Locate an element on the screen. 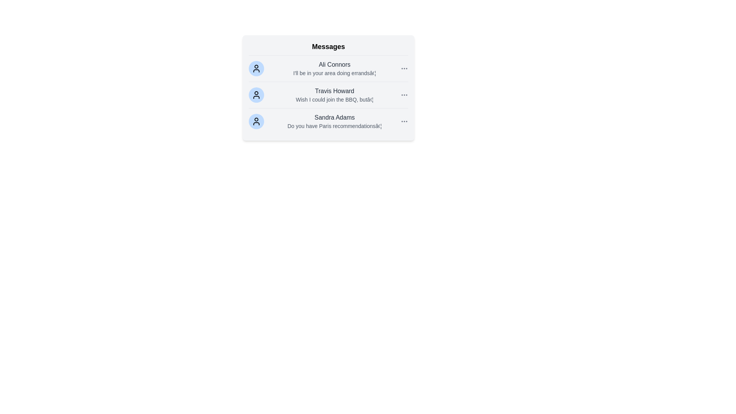 The width and height of the screenshot is (736, 414). the circular blue Avatar Icon with a user profile icon outlined in black, located in the third row of the listed messages section, adjacent to the text 'Sandra Adams' is located at coordinates (256, 121).